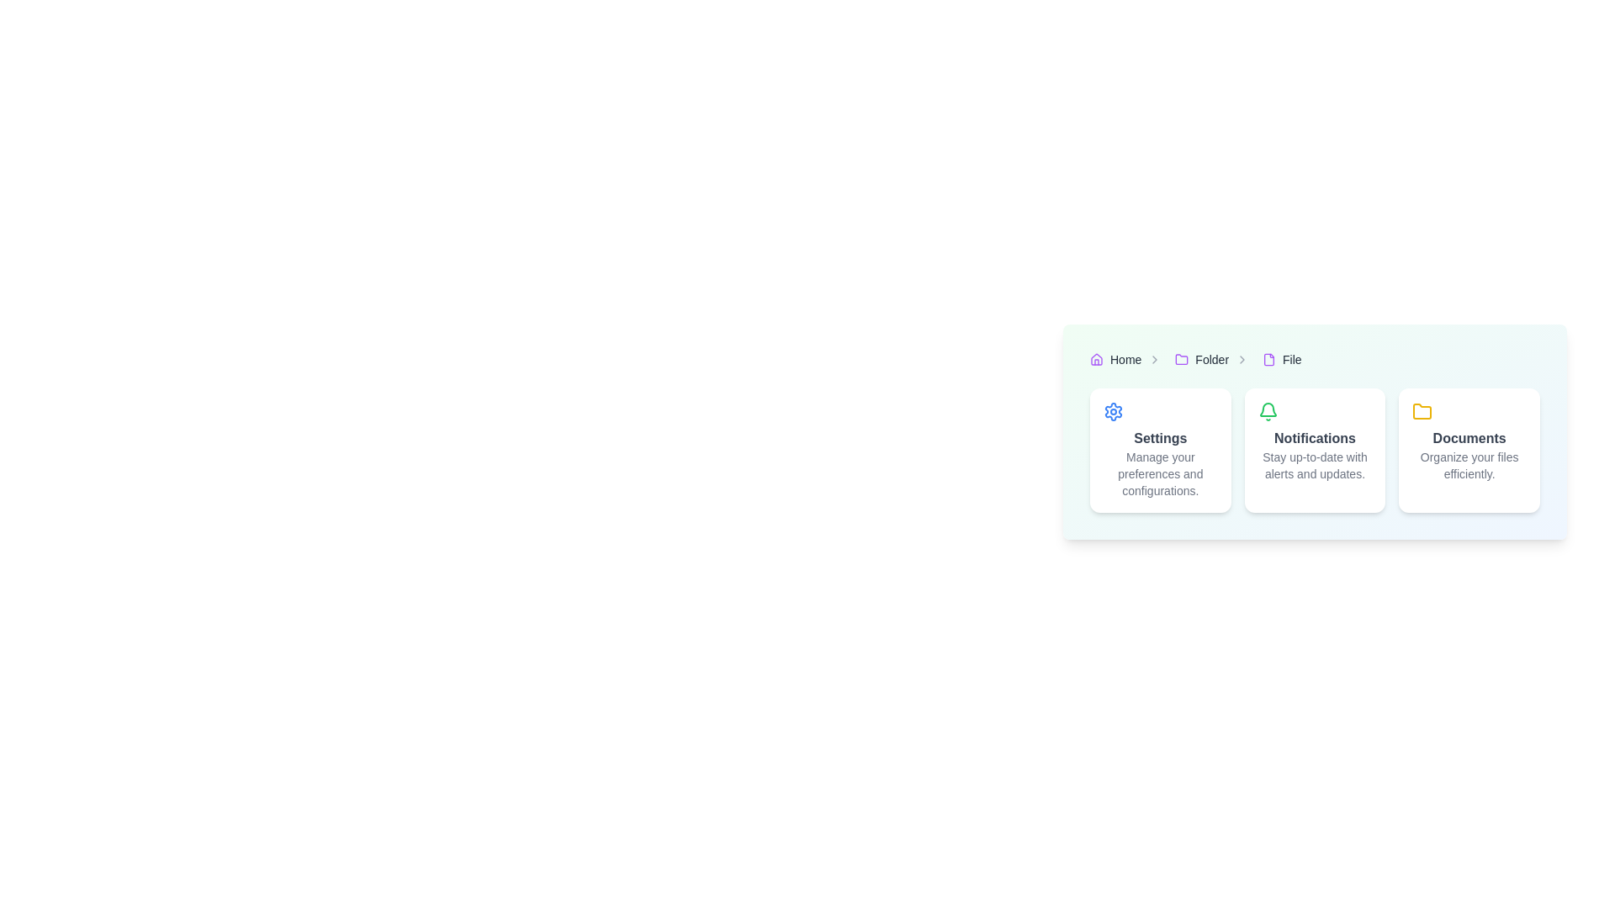  What do you see at coordinates (1314, 450) in the screenshot?
I see `the notification tile, which is the second tile in a group of three horizontally arranged tiles` at bounding box center [1314, 450].